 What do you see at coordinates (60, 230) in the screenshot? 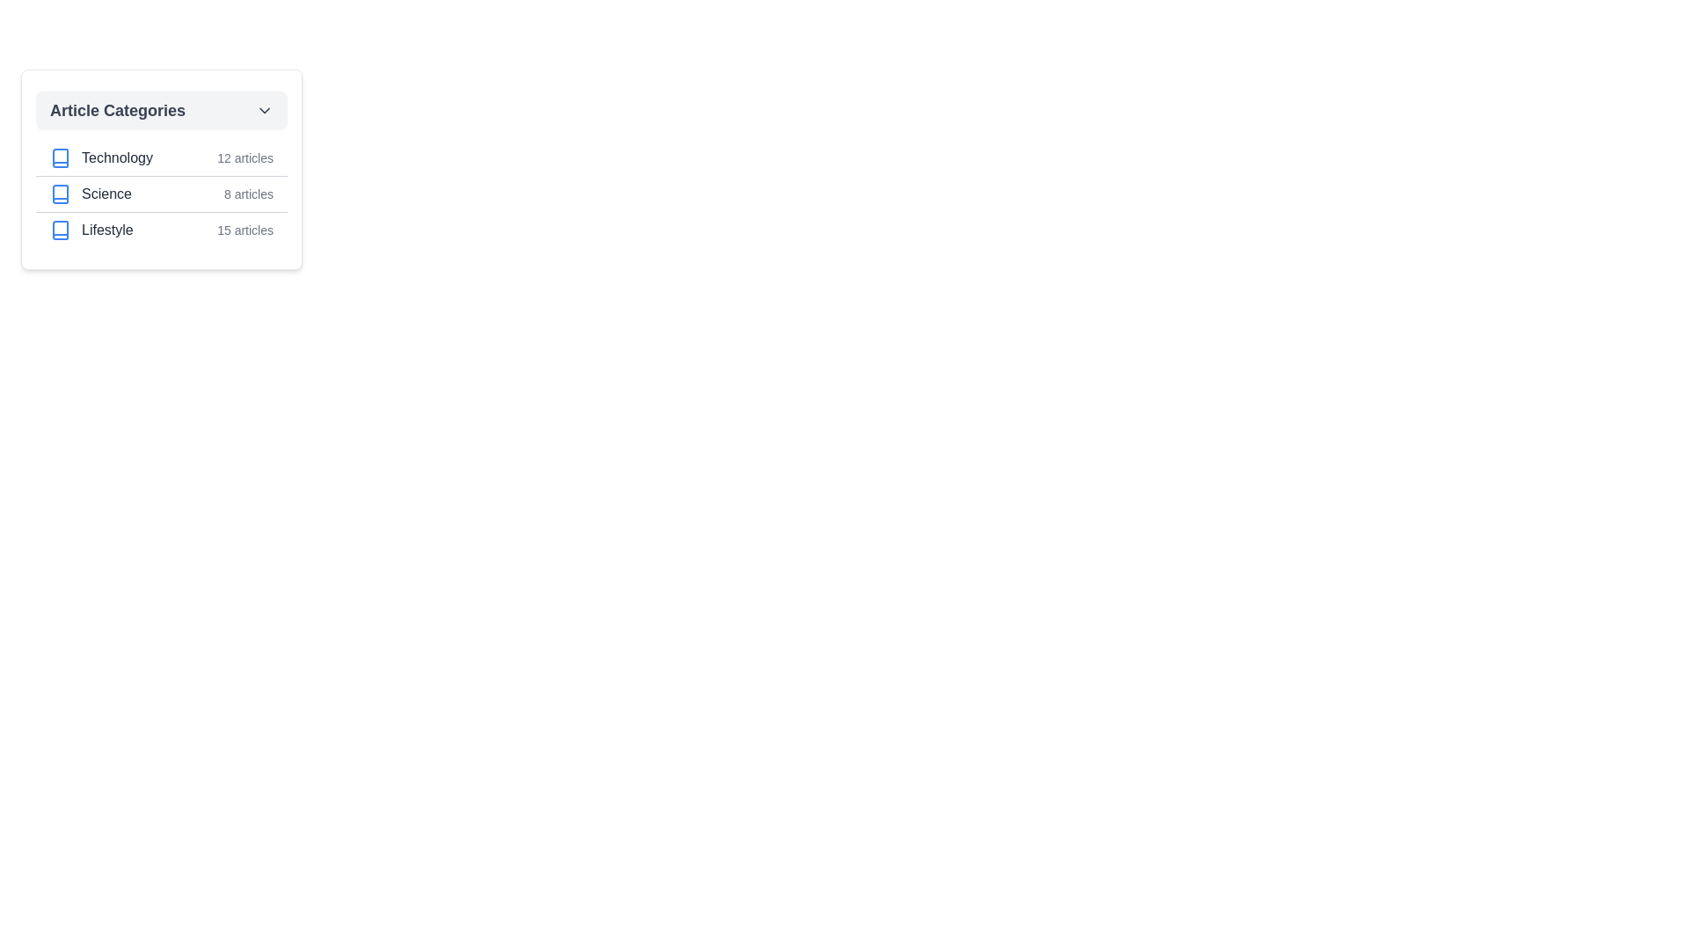
I see `the 'Lifestyle' category icon located within the third list item labeled 'Lifestyle 15 articles'` at bounding box center [60, 230].